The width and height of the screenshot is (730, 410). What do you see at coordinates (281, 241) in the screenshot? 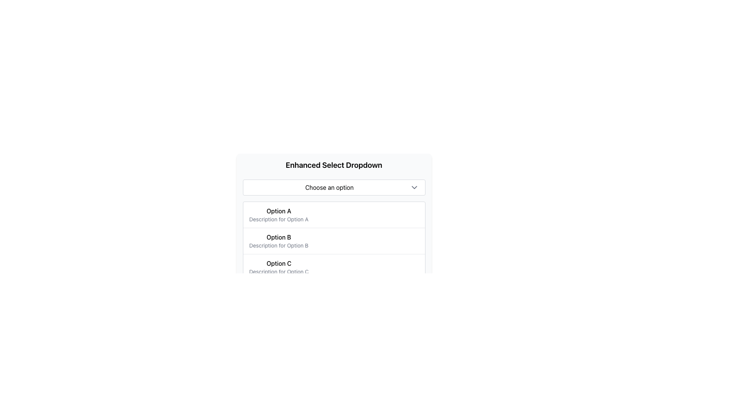
I see `the second item in the dropdown menu labeled 'Choose an option'` at bounding box center [281, 241].